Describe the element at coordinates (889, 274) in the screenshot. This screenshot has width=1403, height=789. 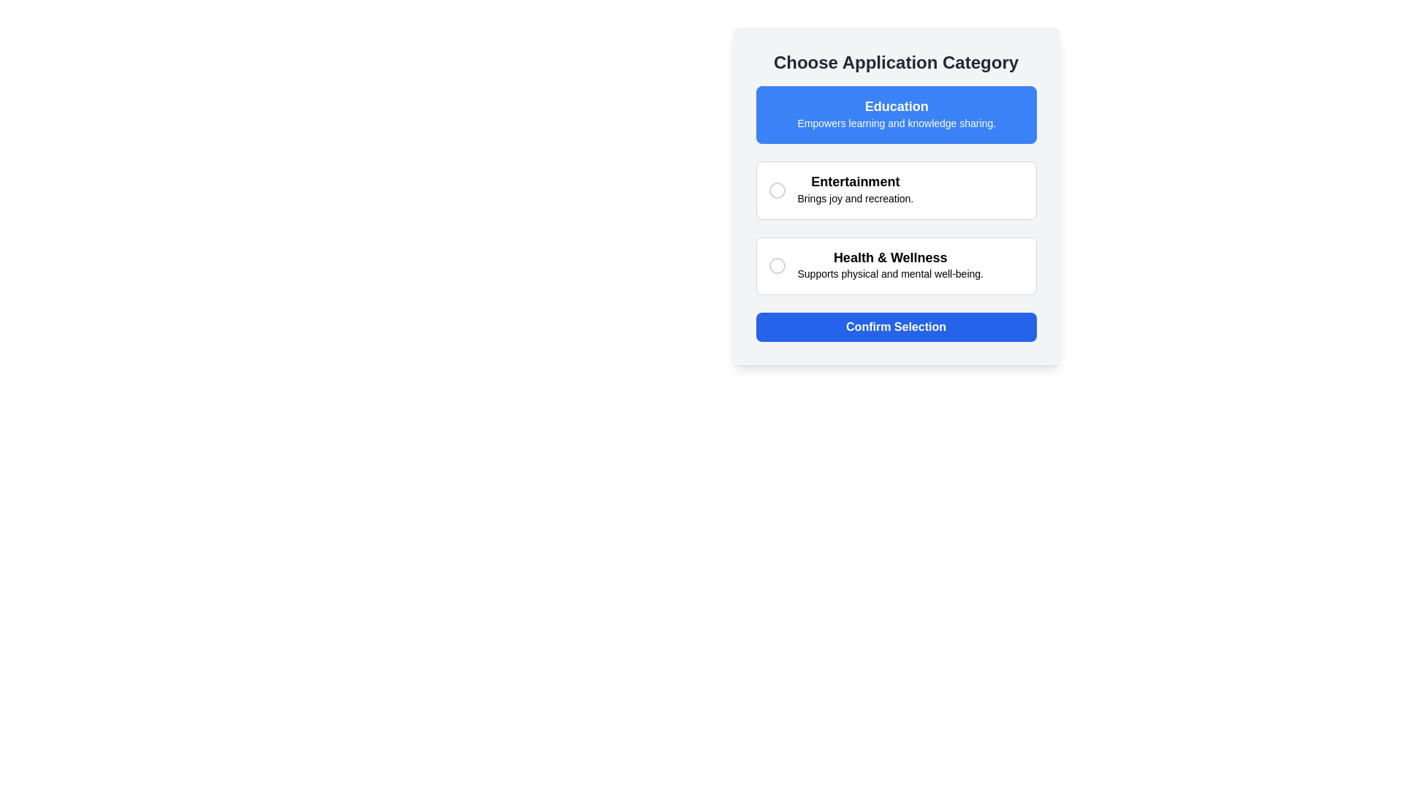
I see `the 'Health & Wellness' descriptive text label located below the heading in the third card of the 'Choose Application Category' section` at that location.